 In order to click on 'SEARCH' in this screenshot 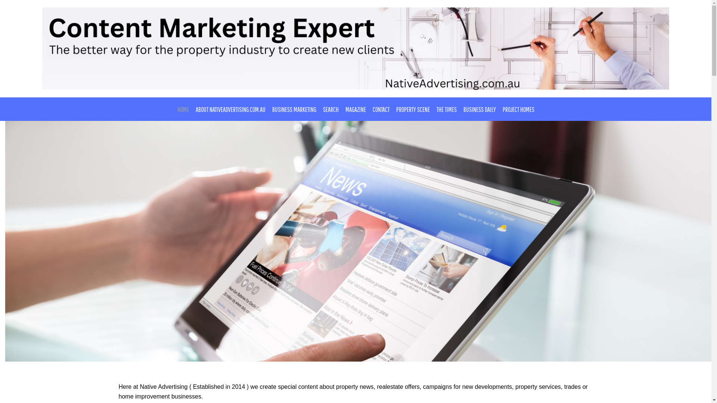, I will do `click(319, 109)`.